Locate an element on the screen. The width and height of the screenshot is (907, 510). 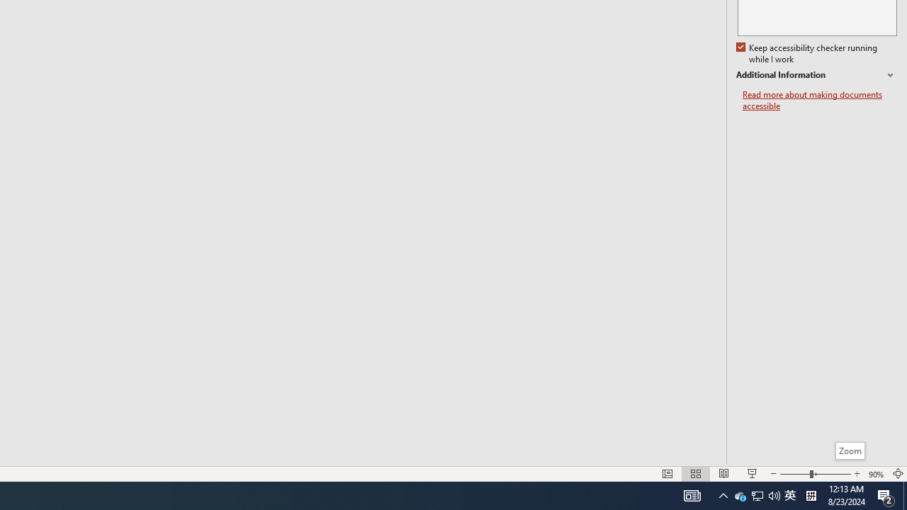
'Zoom 90%' is located at coordinates (876, 474).